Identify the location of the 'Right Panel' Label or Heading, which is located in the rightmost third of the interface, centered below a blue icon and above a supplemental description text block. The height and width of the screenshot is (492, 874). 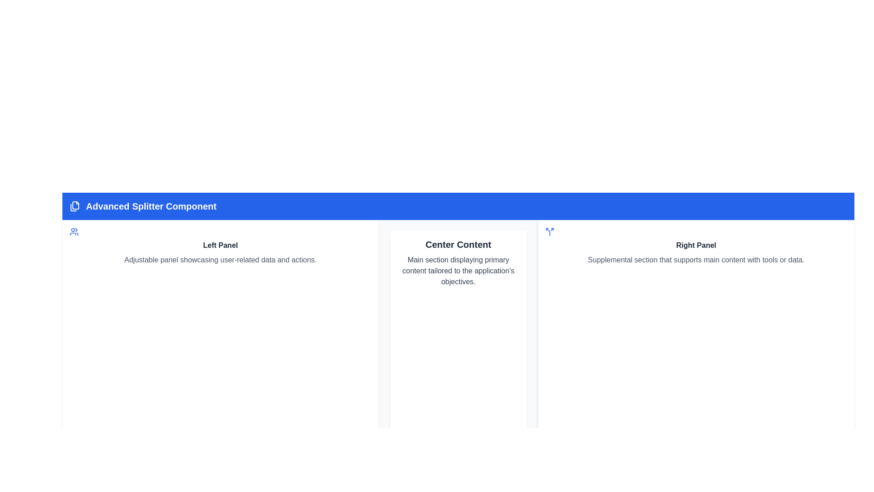
(696, 245).